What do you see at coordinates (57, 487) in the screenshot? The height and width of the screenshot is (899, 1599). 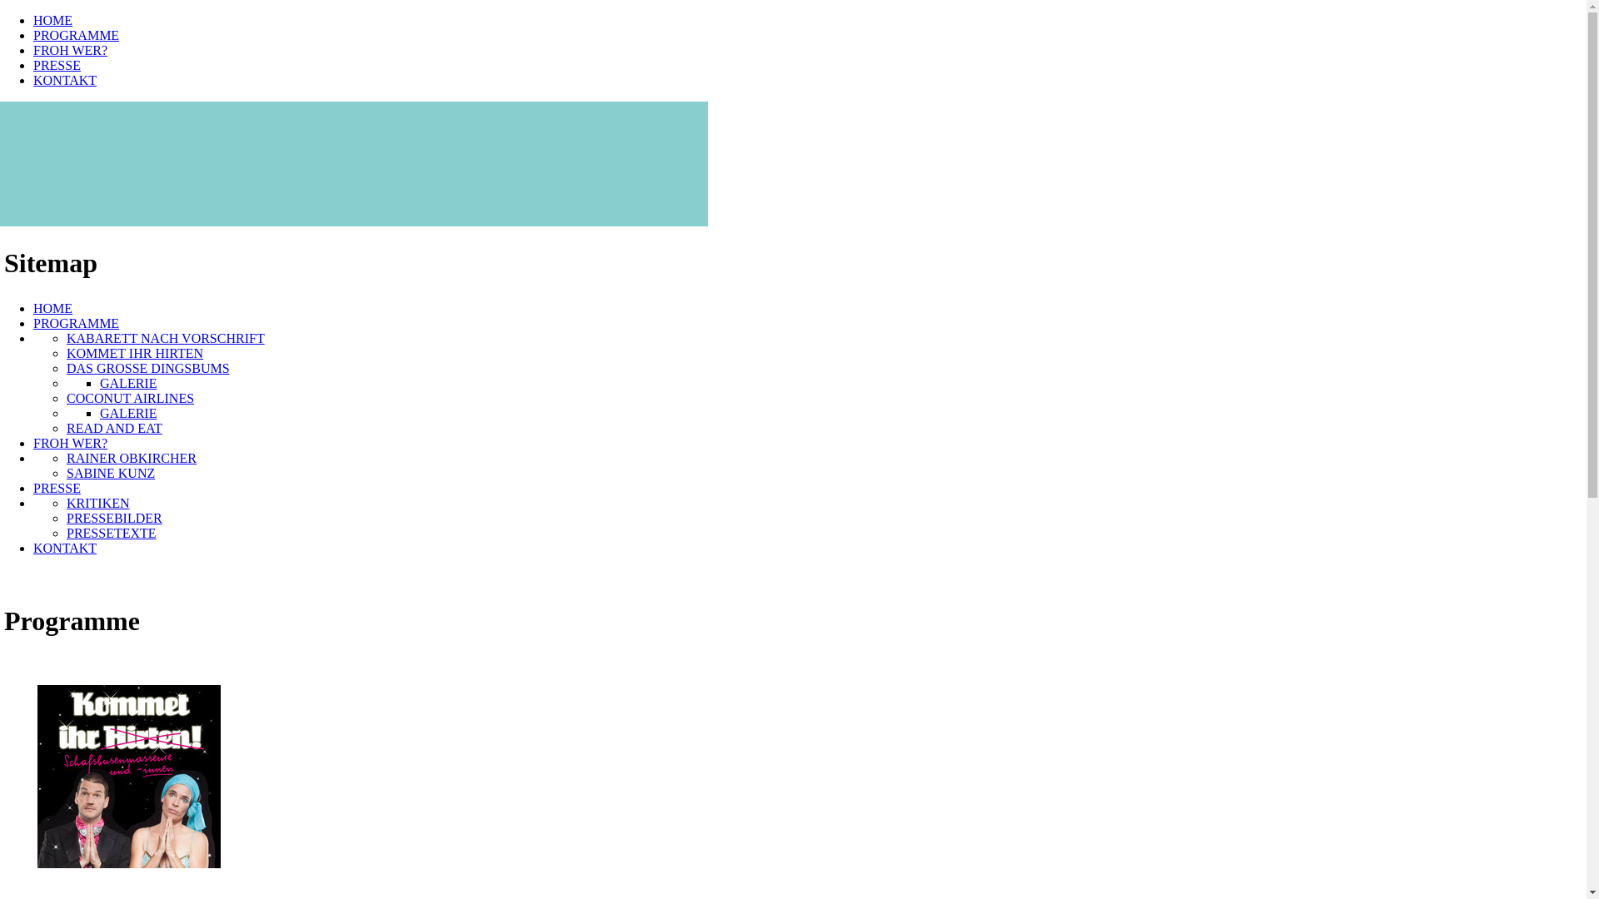 I see `'PRESSE'` at bounding box center [57, 487].